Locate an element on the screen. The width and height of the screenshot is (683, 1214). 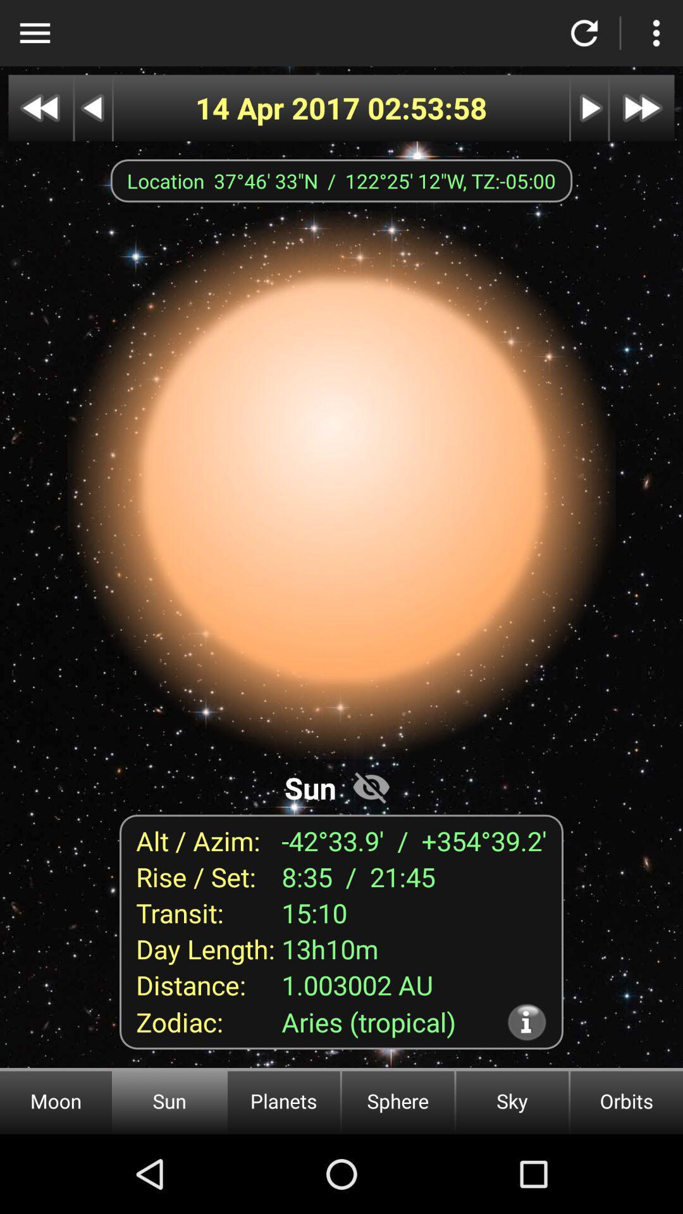
the info icon is located at coordinates (527, 1022).